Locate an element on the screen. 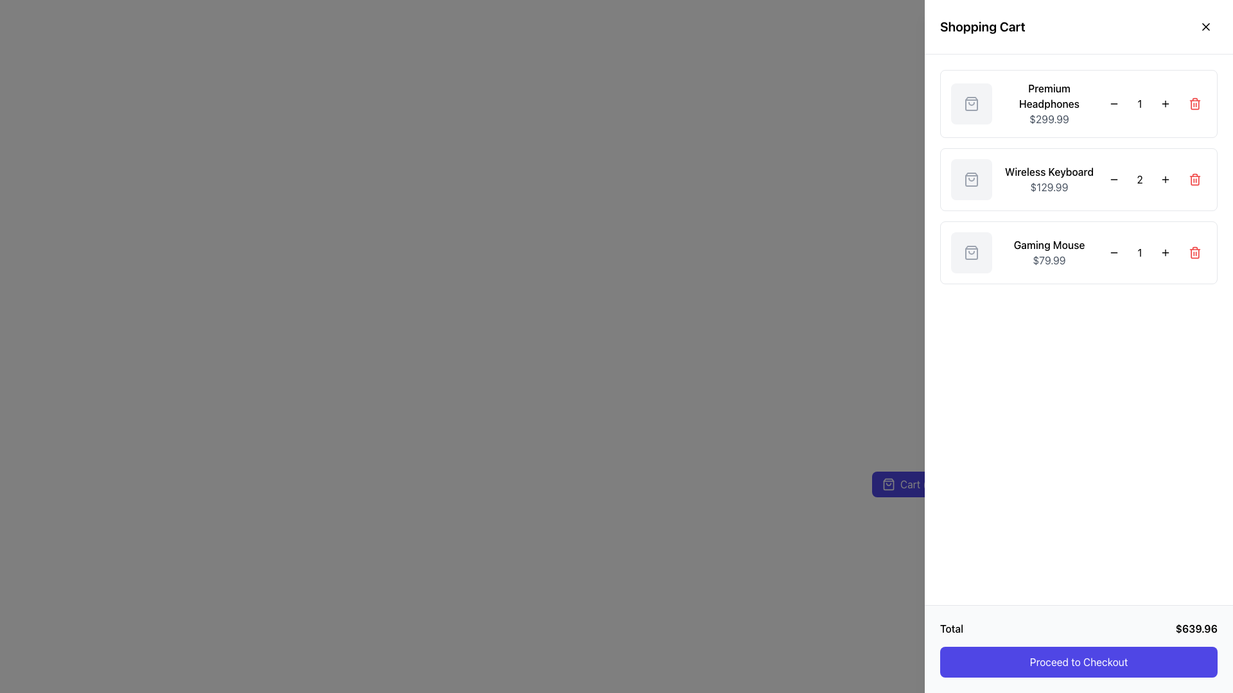  the 'Wireless Keyboard' text label in the shopping cart interface, which is located above the price of $129.99 in the second item of the list is located at coordinates (1049, 171).